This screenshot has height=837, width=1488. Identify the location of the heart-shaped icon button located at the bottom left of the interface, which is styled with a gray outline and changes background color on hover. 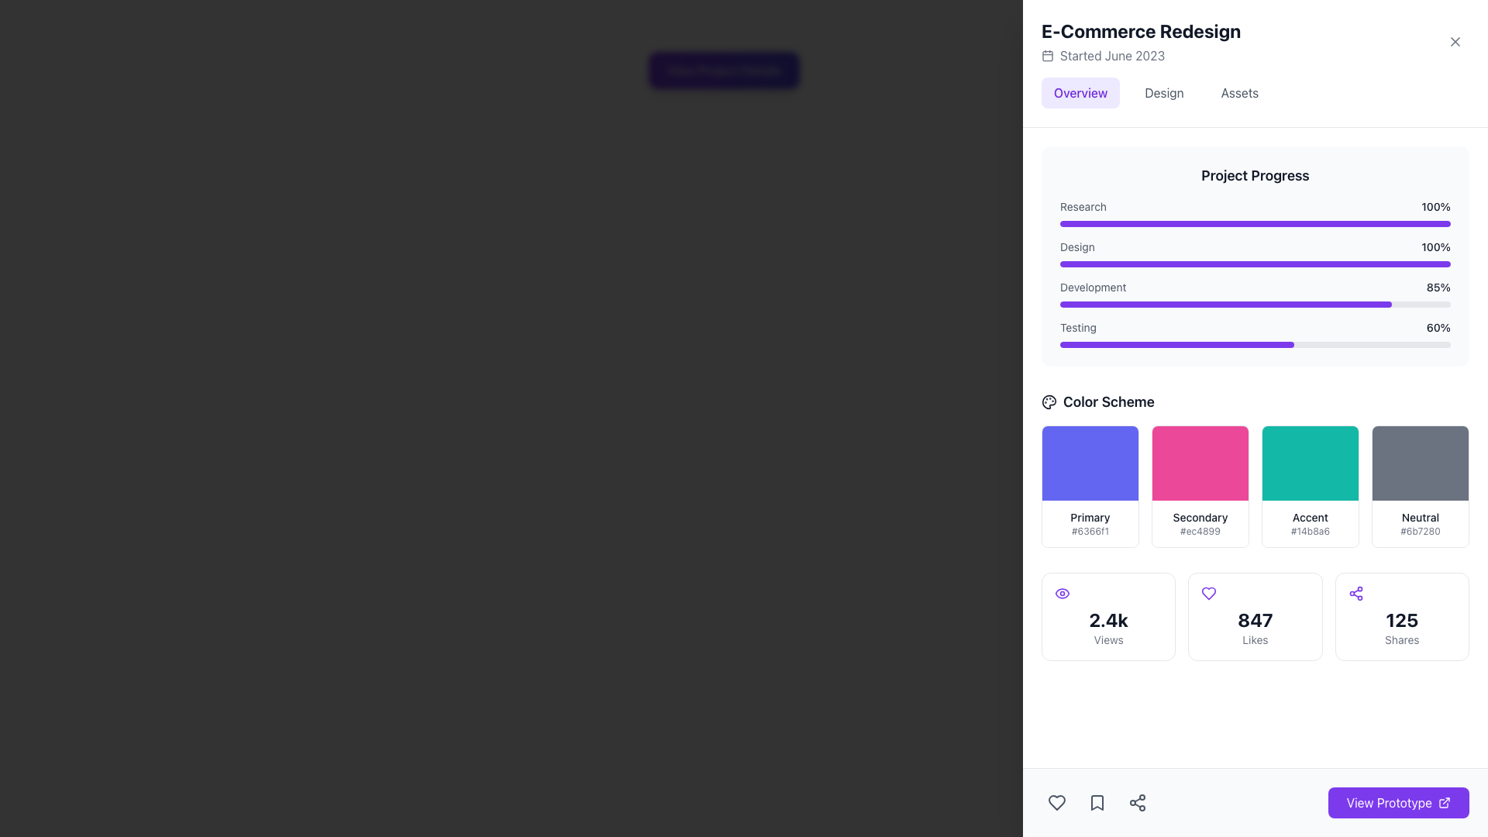
(1056, 802).